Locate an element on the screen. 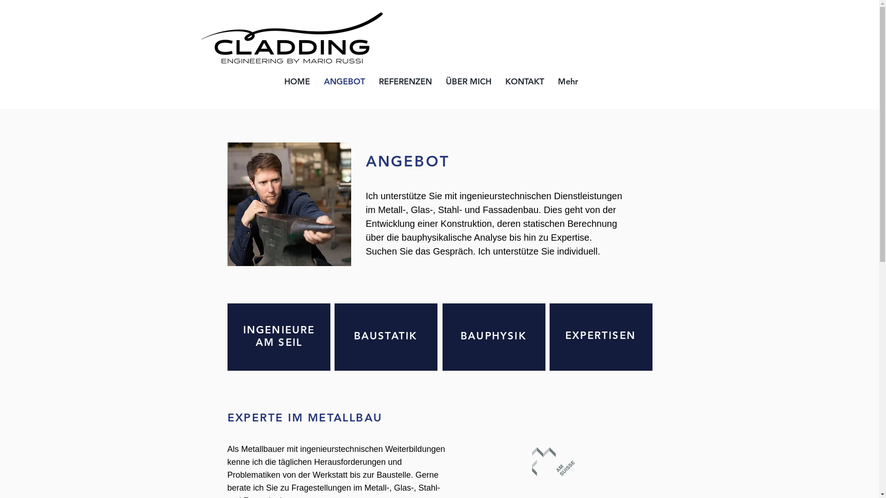 Image resolution: width=886 pixels, height=498 pixels. 'EXPERTISEN' is located at coordinates (600, 335).